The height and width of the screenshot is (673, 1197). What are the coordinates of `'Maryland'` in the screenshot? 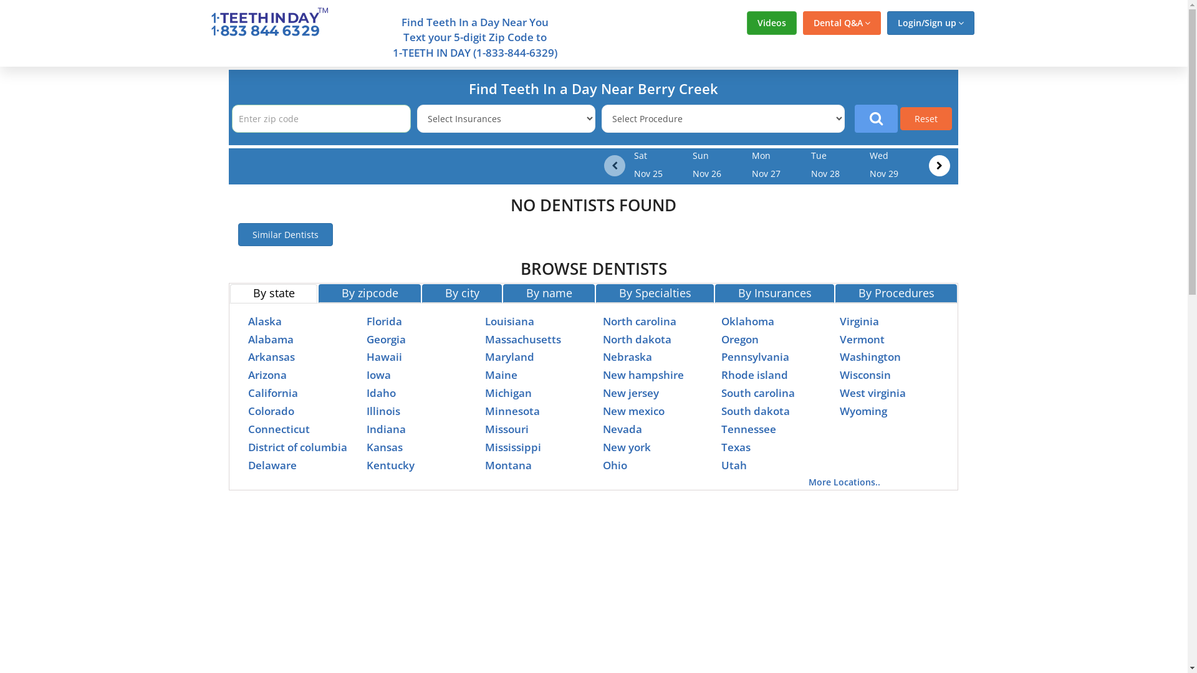 It's located at (509, 356).